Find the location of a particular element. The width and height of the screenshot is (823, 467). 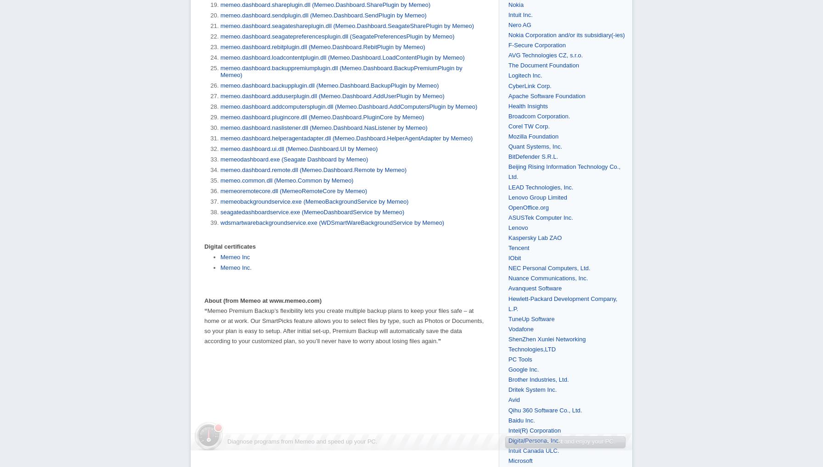

'Digital certificates' is located at coordinates (230, 245).